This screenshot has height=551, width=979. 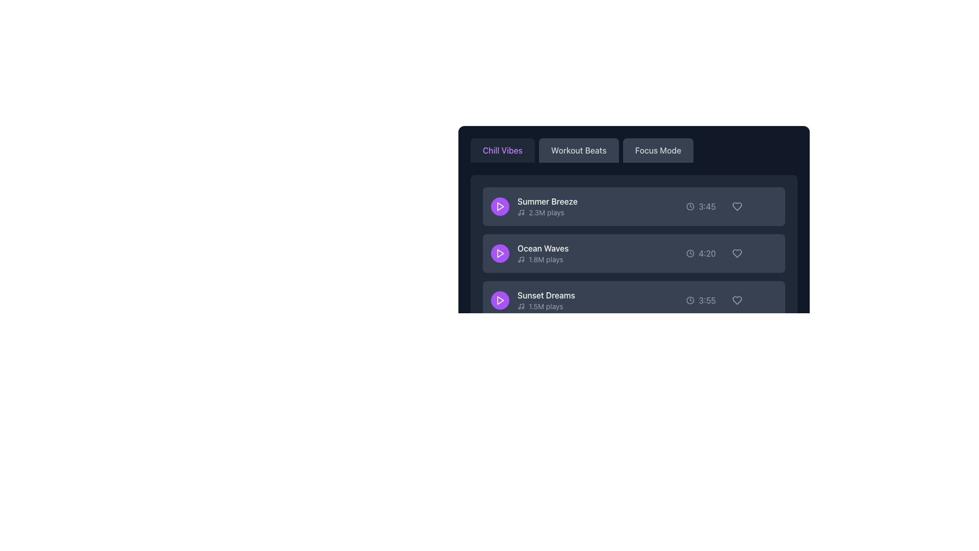 I want to click on the music note icon located to the left of the text '2.3M plays' in the track 'Summer Breeze', so click(x=521, y=212).